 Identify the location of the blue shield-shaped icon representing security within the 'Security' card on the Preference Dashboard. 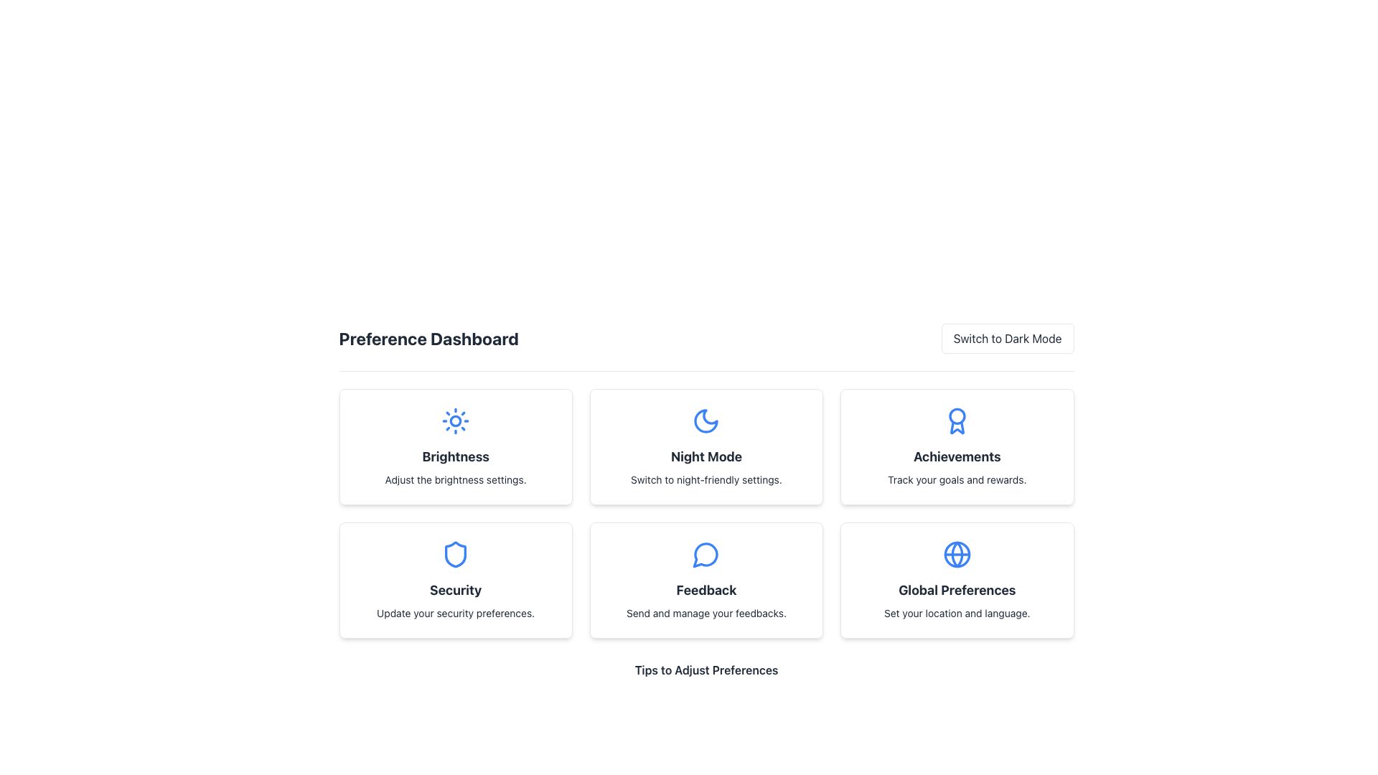
(455, 553).